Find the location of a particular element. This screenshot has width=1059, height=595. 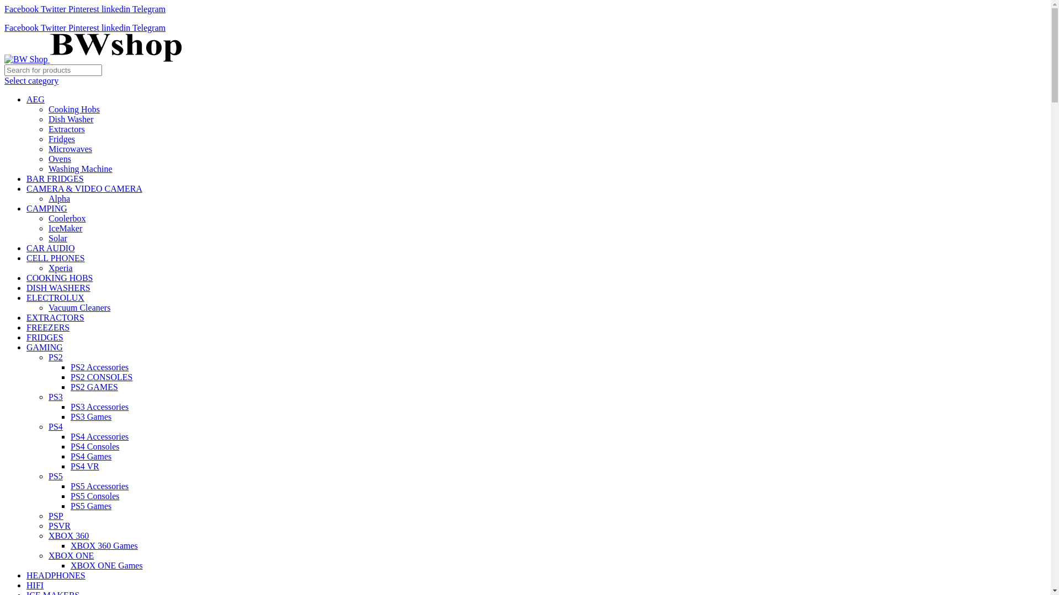

'XBOX ONE Games' is located at coordinates (106, 565).